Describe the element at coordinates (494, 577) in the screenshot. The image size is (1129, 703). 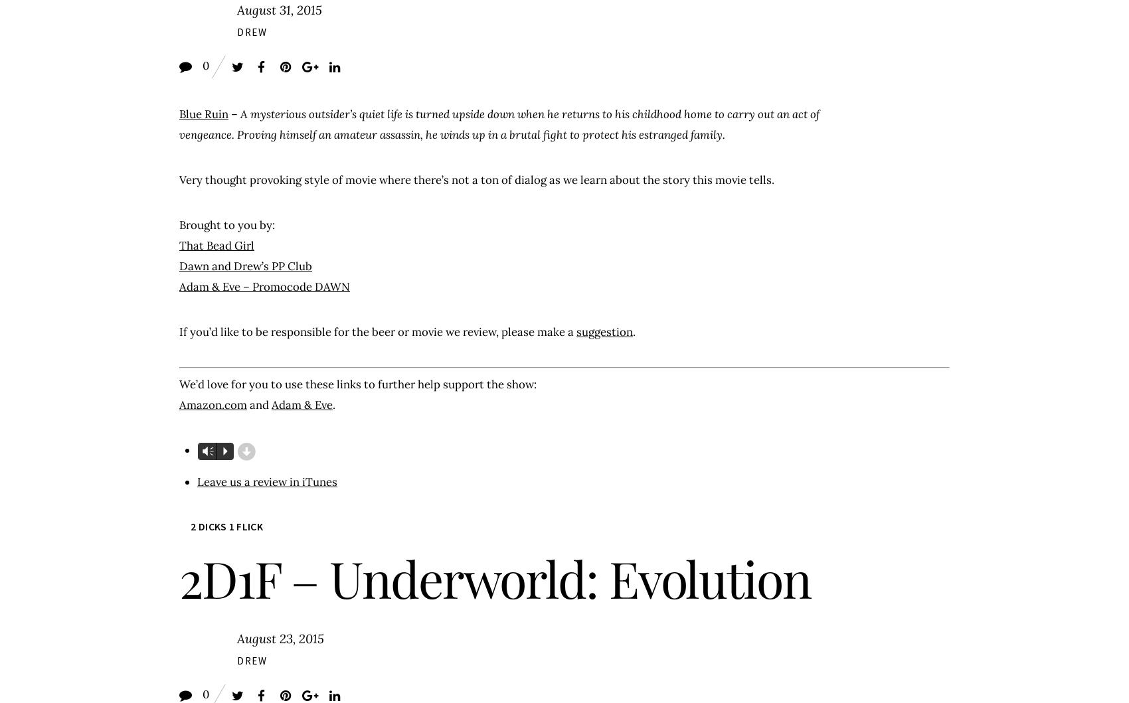
I see `'2D1F – Underworld: Evolution'` at that location.